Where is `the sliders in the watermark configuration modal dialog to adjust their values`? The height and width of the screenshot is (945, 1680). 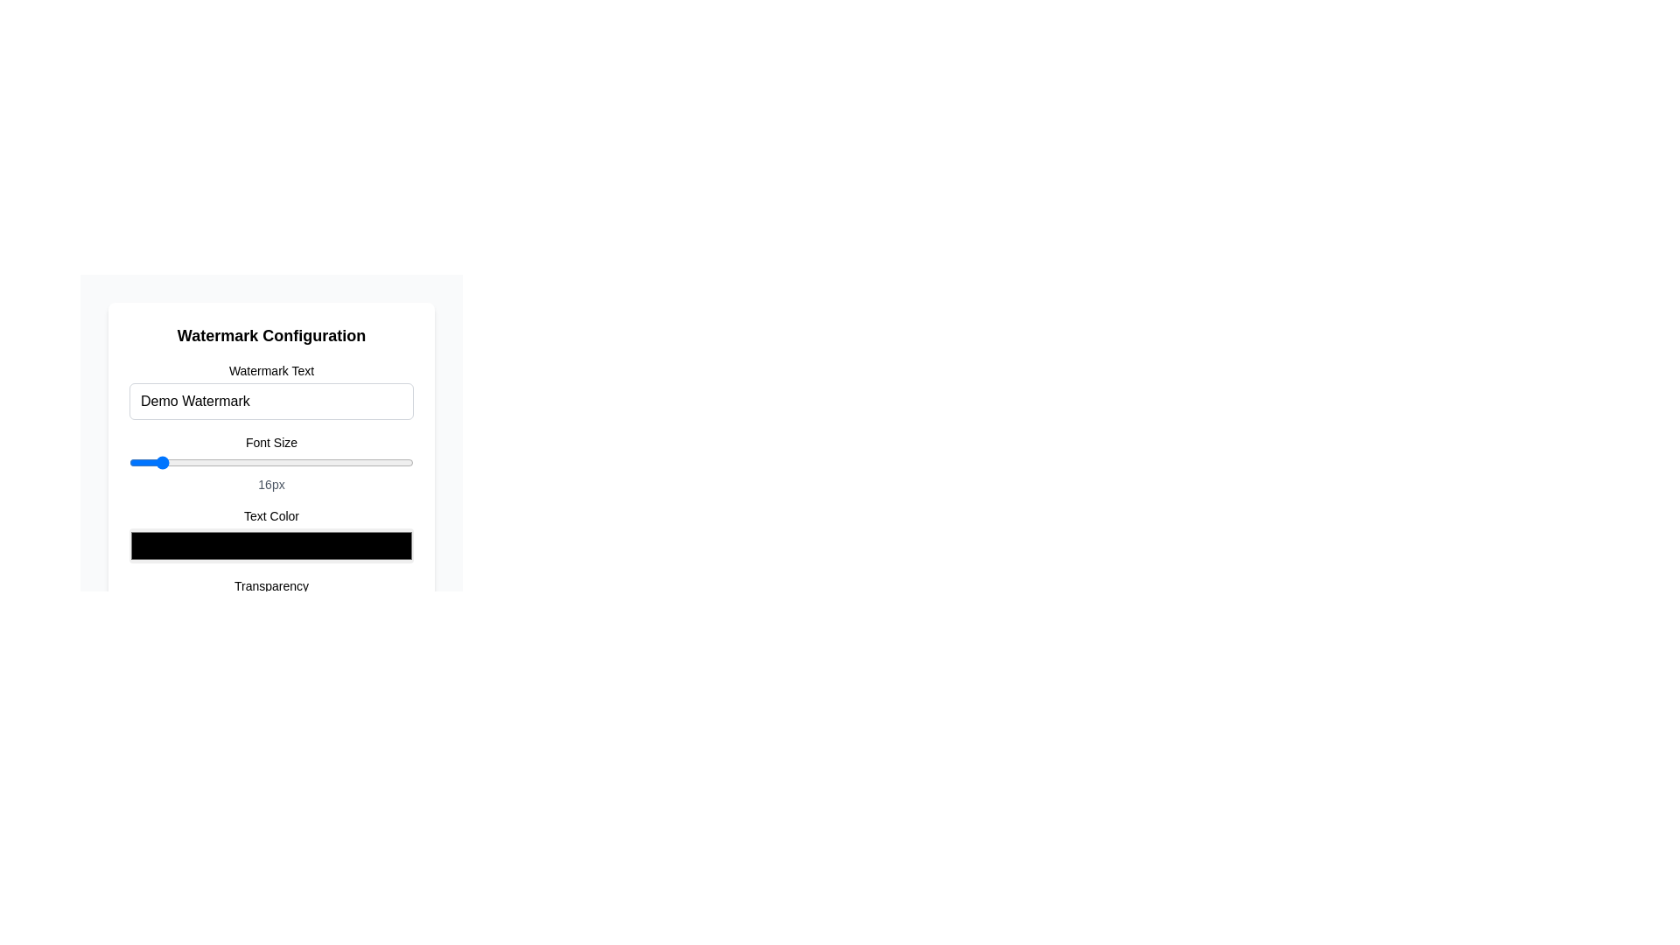
the sliders in the watermark configuration modal dialog to adjust their values is located at coordinates (270, 422).